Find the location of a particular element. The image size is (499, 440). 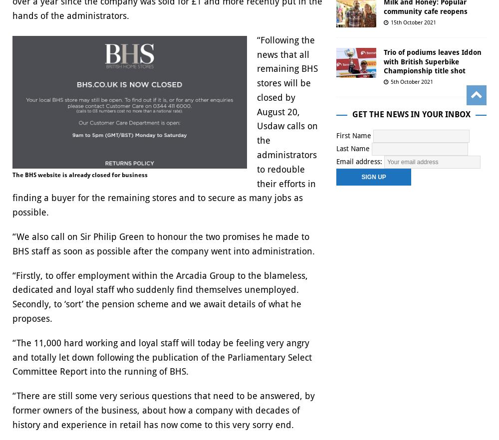

'“Following the news that all remaining BHS stores will be closed by August 20, Usdaw calls on the administrators to redouble their efforts in finding a buyer for the remaining stores and to secure as many jobs as possible.' is located at coordinates (165, 126).